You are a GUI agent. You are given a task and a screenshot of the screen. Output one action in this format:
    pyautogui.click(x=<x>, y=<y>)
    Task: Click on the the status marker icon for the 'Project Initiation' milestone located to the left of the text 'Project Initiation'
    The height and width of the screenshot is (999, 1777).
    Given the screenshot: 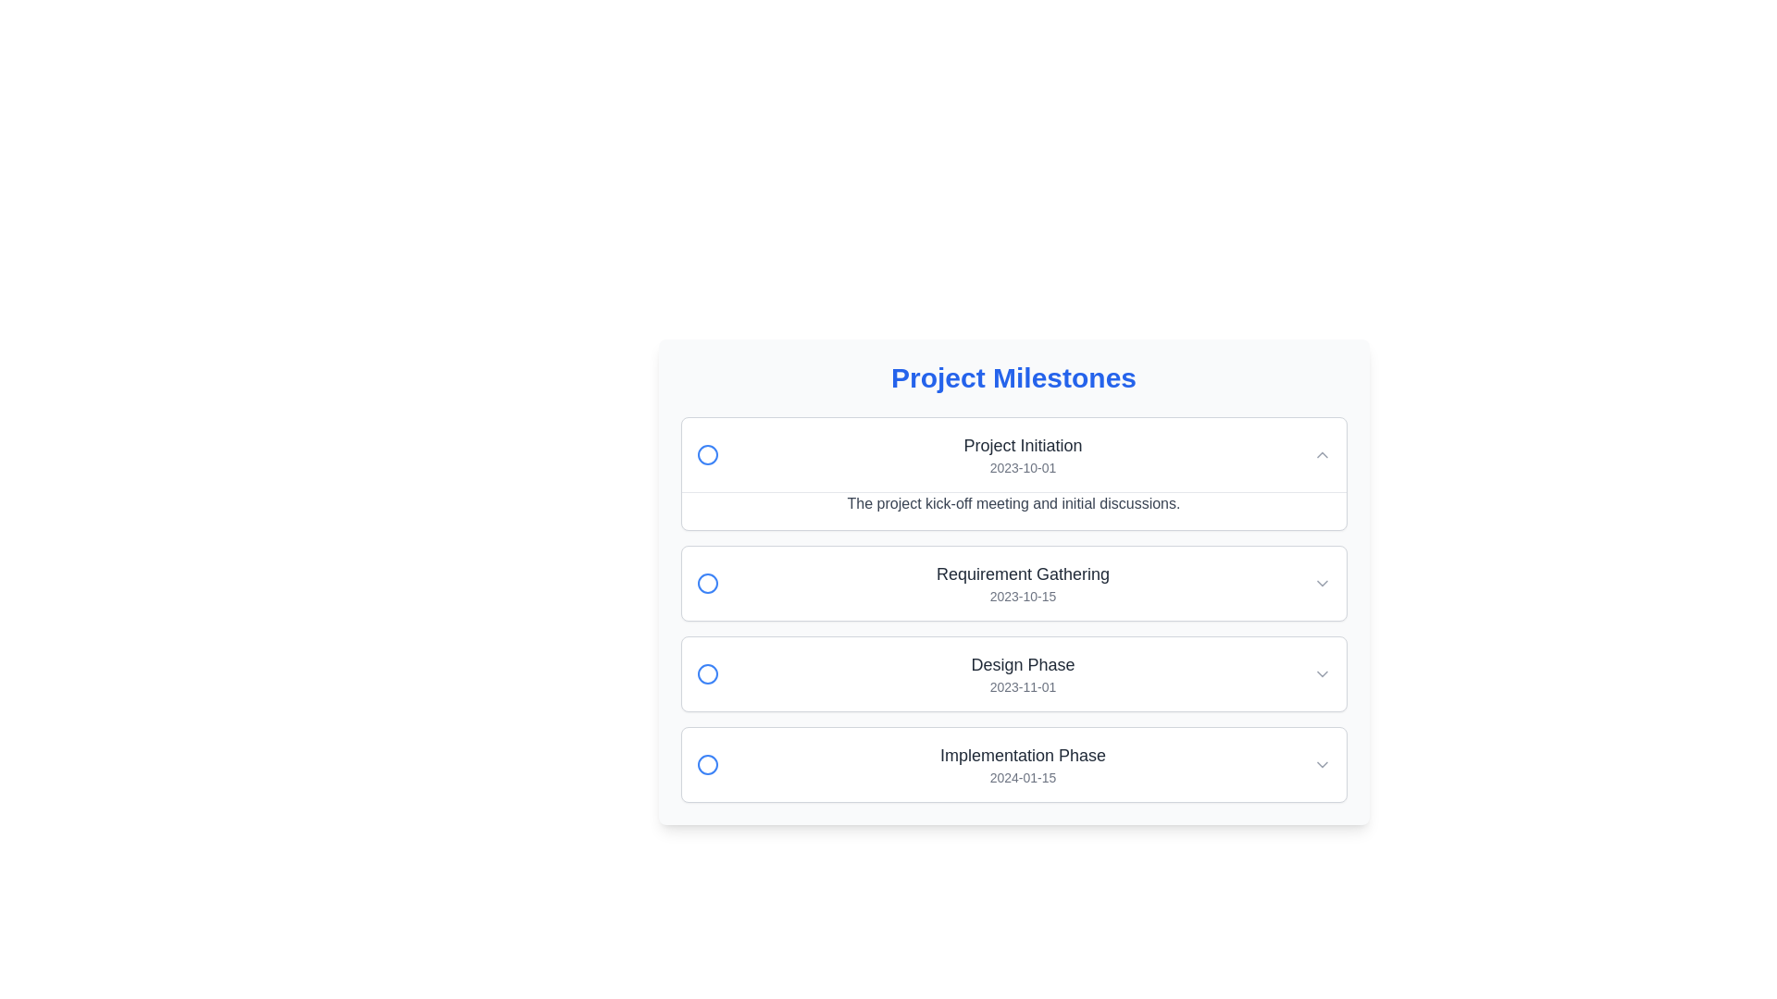 What is the action you would take?
    pyautogui.click(x=706, y=455)
    